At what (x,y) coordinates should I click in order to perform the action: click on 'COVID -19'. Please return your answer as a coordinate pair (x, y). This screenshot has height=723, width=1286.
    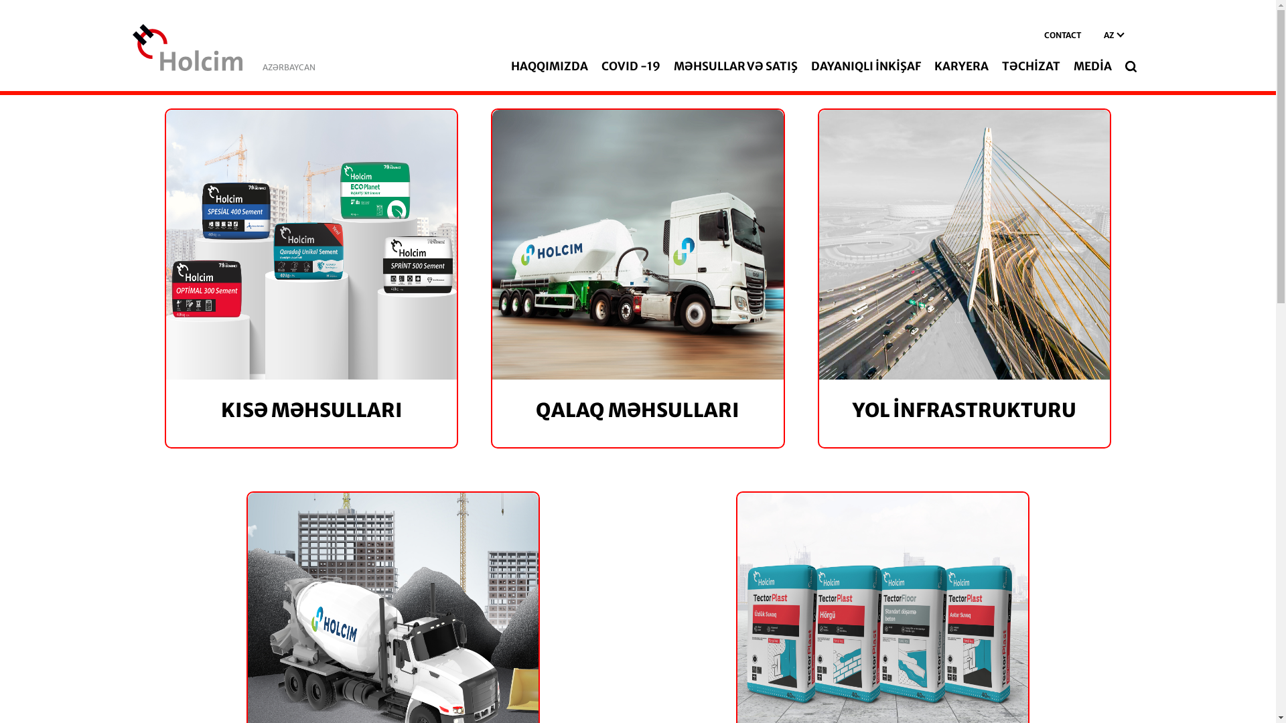
    Looking at the image, I should click on (630, 66).